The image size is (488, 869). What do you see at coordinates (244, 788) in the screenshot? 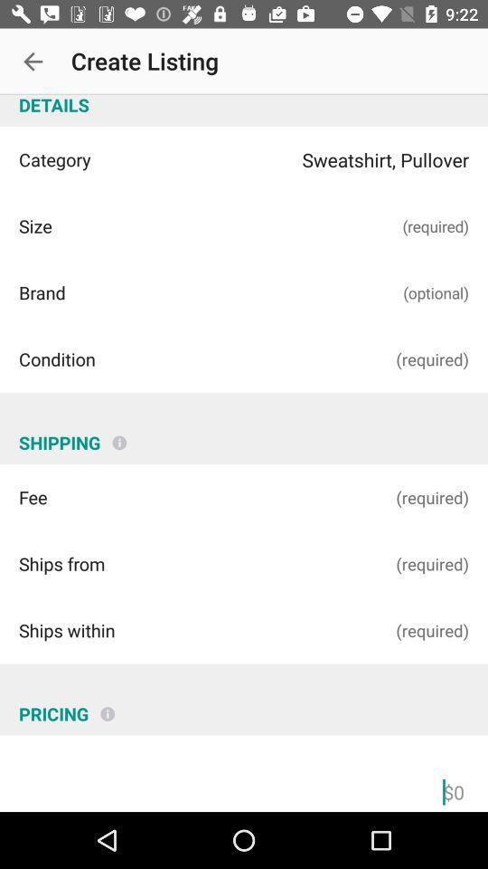
I see `price field` at bounding box center [244, 788].